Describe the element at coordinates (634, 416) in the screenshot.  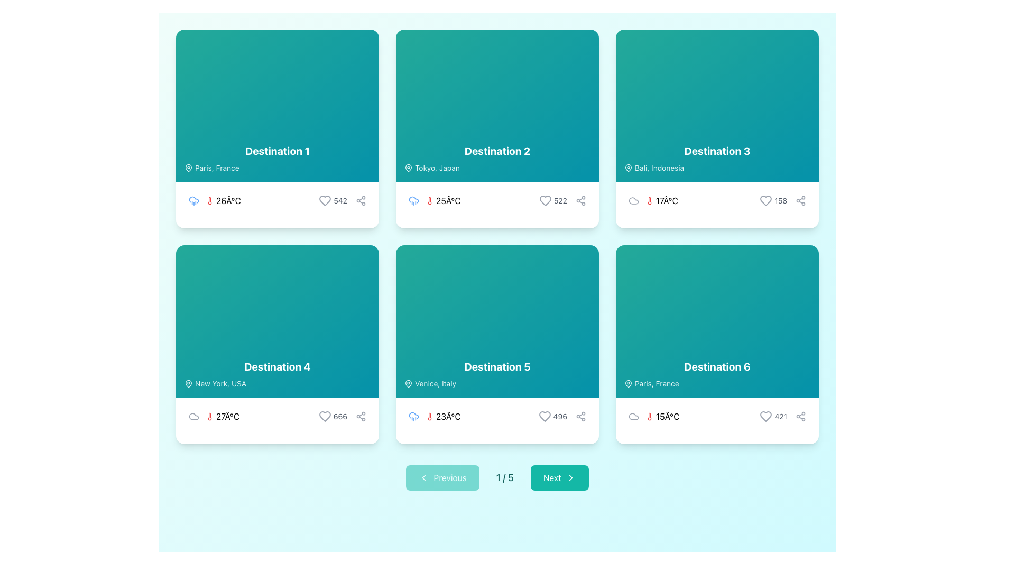
I see `the cloud icon in the footer section of the card labeled 'Destination 6', which is located to the left of the temperature data '15°C'` at that location.